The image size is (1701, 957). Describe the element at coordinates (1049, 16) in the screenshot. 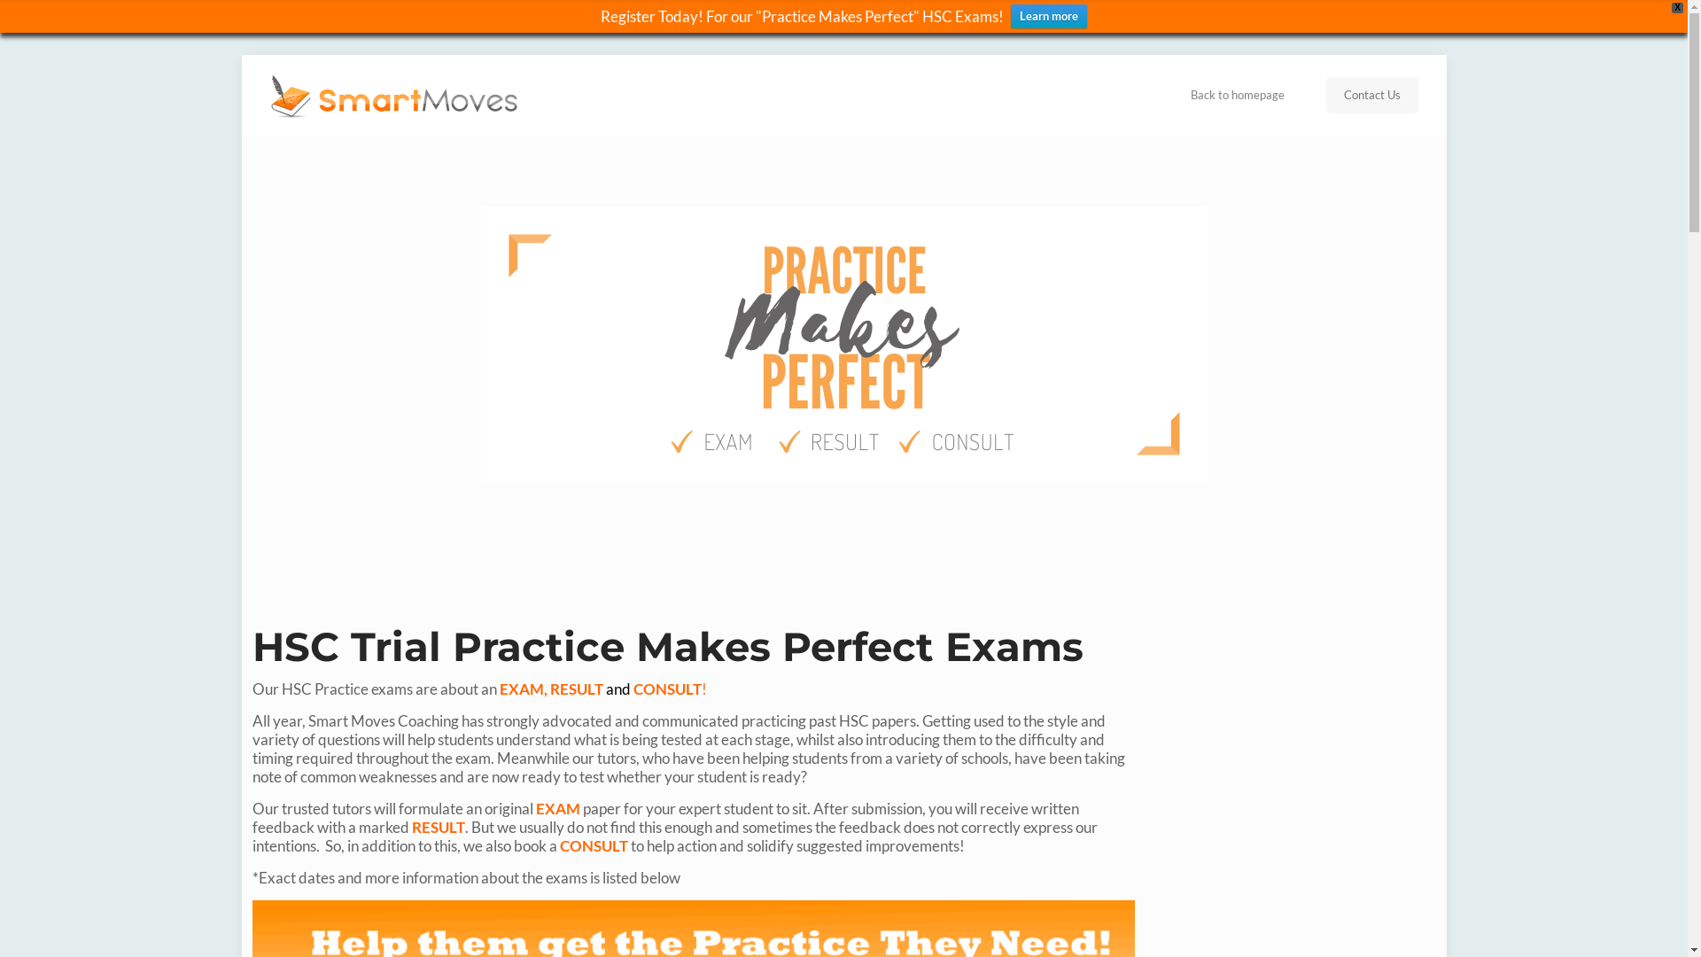

I see `'Learn more'` at that location.